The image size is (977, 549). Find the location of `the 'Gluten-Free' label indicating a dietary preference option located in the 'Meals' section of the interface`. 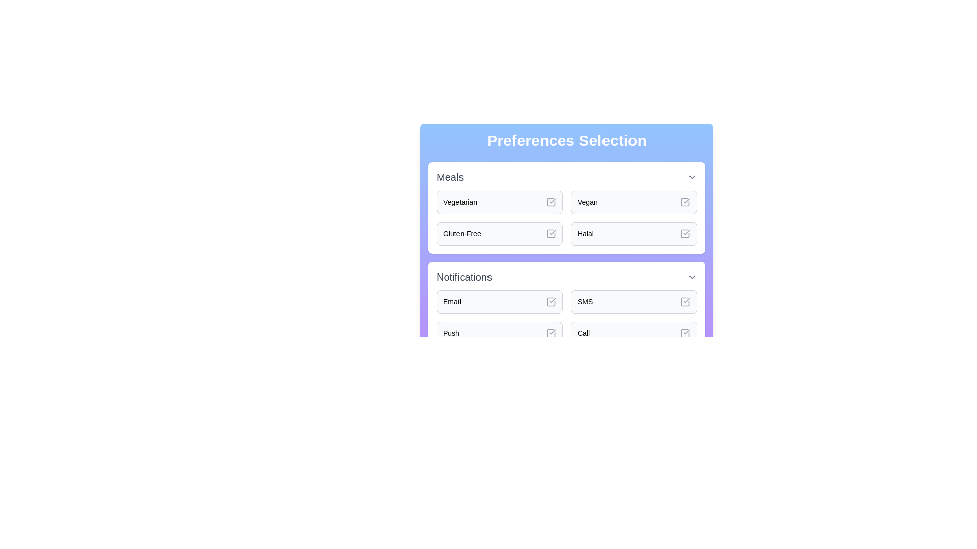

the 'Gluten-Free' label indicating a dietary preference option located in the 'Meals' section of the interface is located at coordinates (462, 233).